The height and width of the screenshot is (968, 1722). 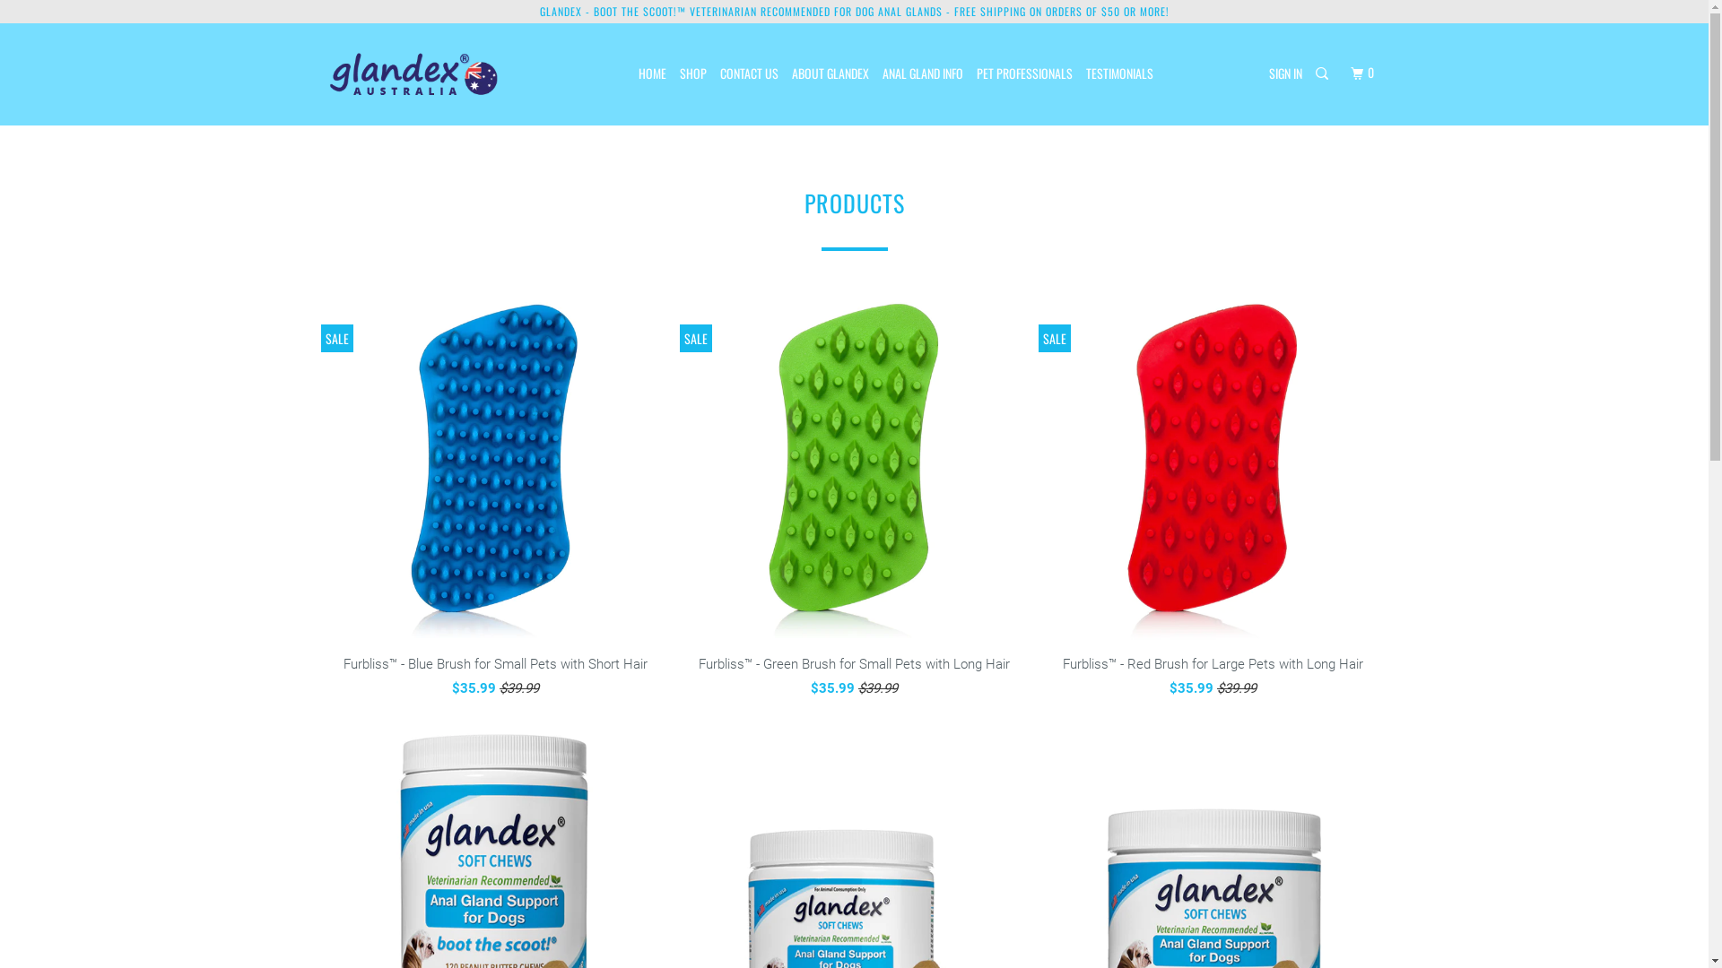 What do you see at coordinates (1284, 72) in the screenshot?
I see `'SIGN IN'` at bounding box center [1284, 72].